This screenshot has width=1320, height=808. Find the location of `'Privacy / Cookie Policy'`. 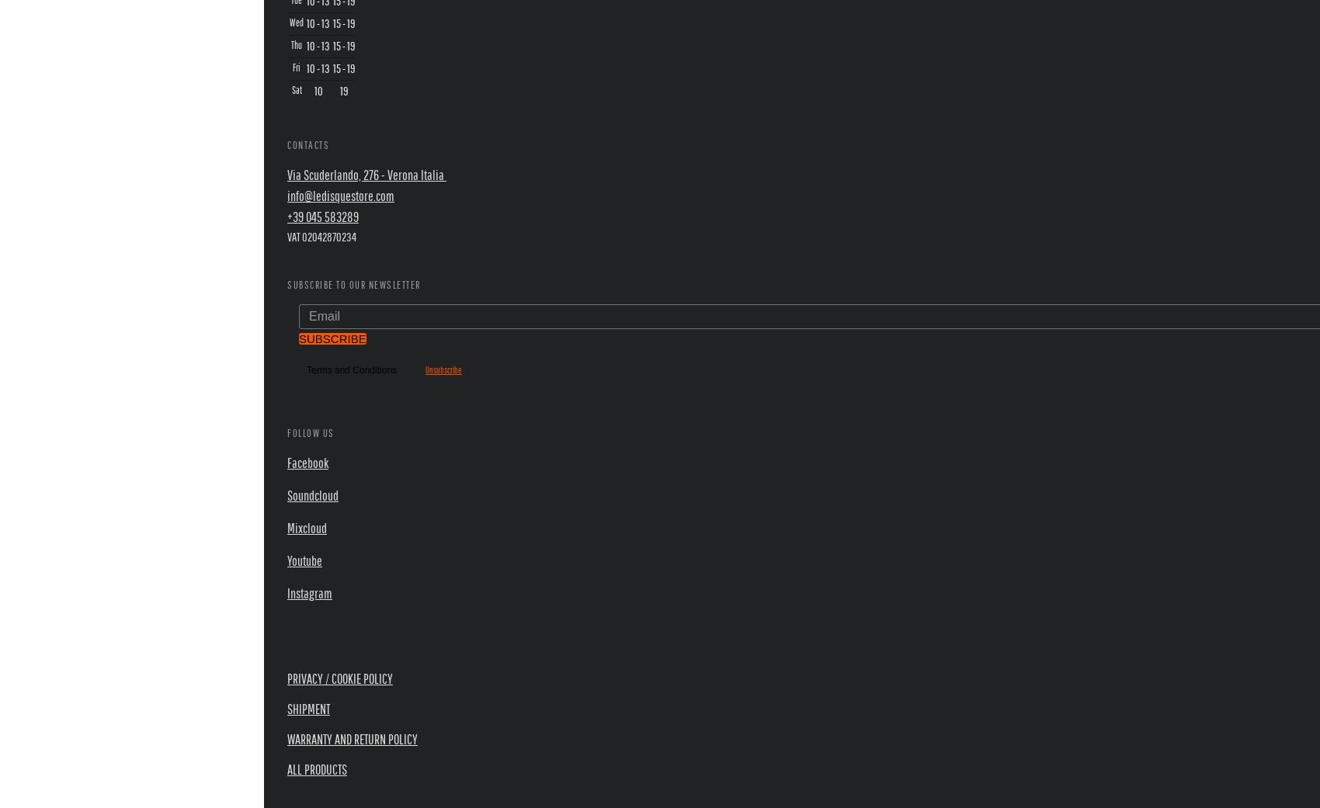

'Privacy / Cookie Policy' is located at coordinates (286, 678).